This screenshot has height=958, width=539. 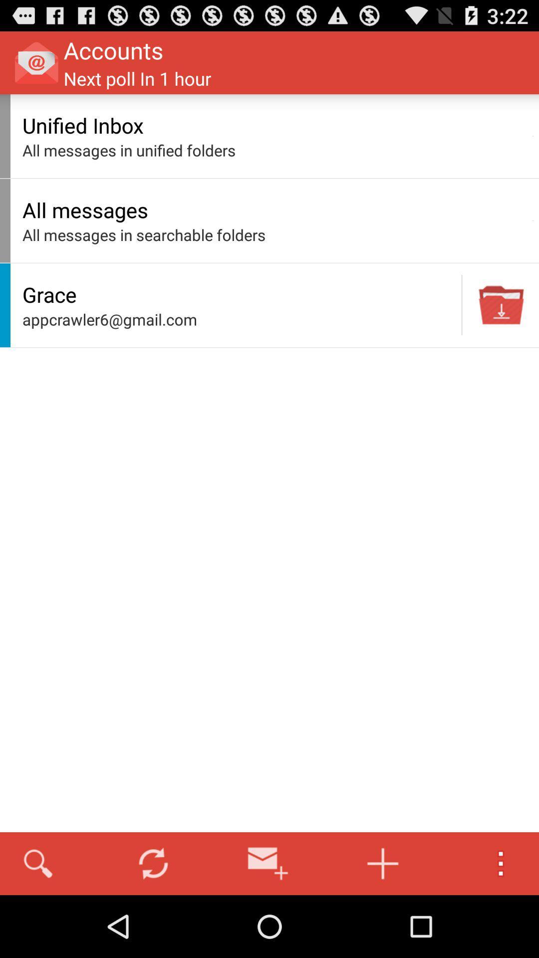 What do you see at coordinates (239, 319) in the screenshot?
I see `the icon below the grace item` at bounding box center [239, 319].